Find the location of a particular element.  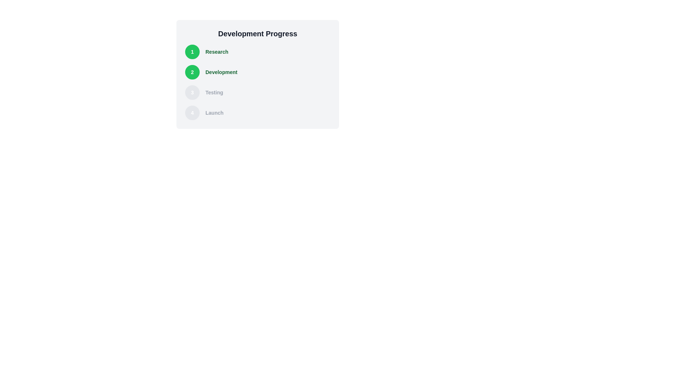

the fourth item of the vertically arranged progress step indicator is located at coordinates (258, 113).